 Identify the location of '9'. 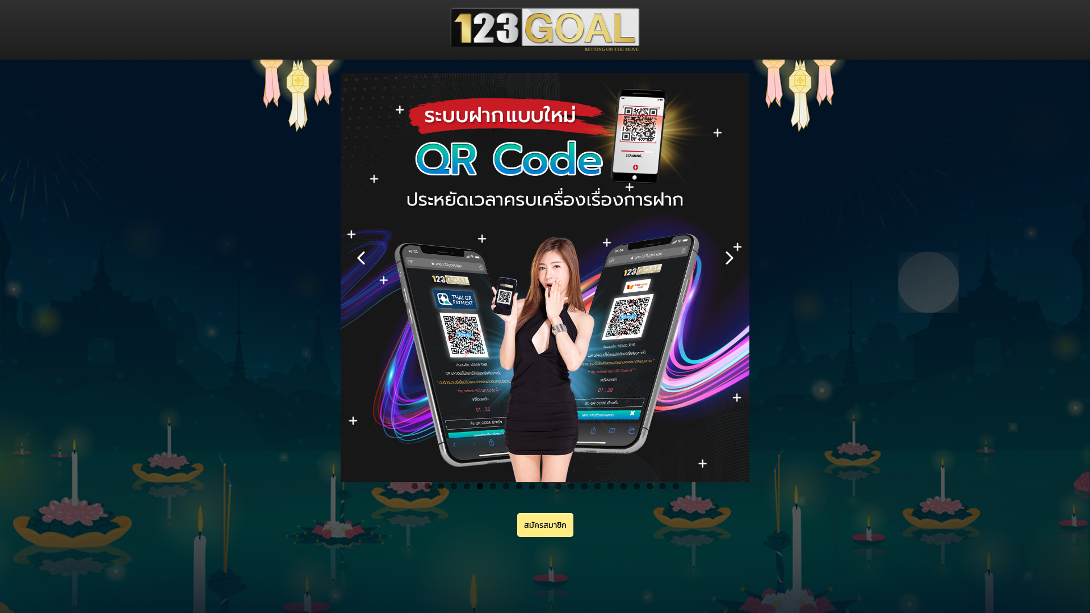
(518, 485).